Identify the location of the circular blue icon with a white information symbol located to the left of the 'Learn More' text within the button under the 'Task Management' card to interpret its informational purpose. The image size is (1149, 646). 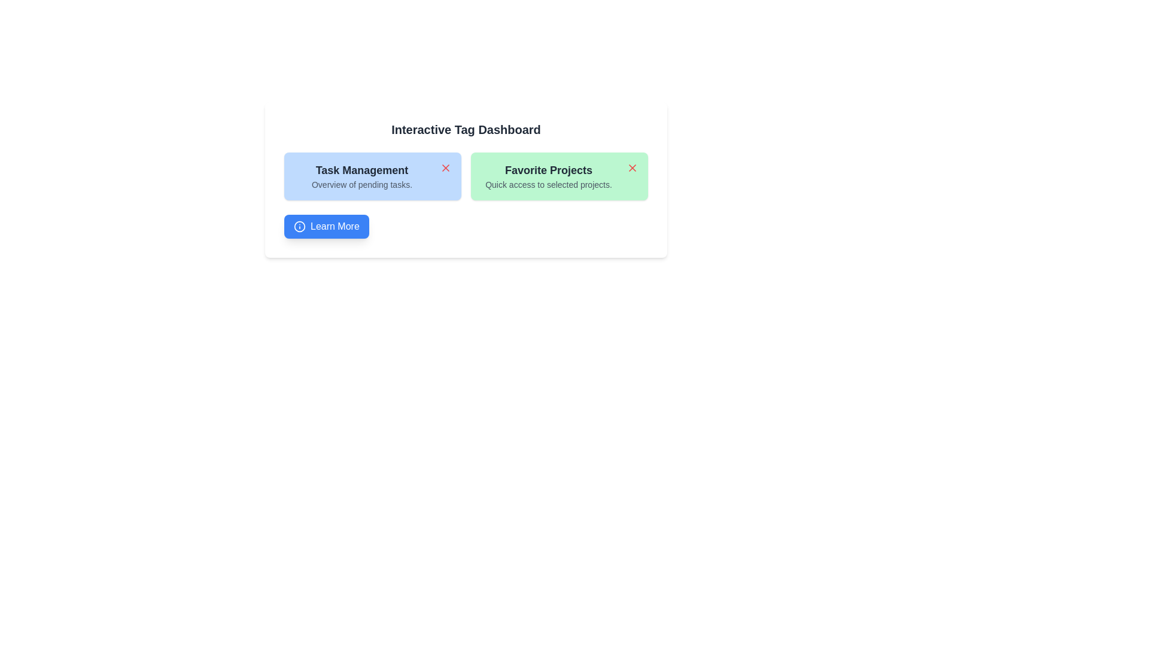
(299, 226).